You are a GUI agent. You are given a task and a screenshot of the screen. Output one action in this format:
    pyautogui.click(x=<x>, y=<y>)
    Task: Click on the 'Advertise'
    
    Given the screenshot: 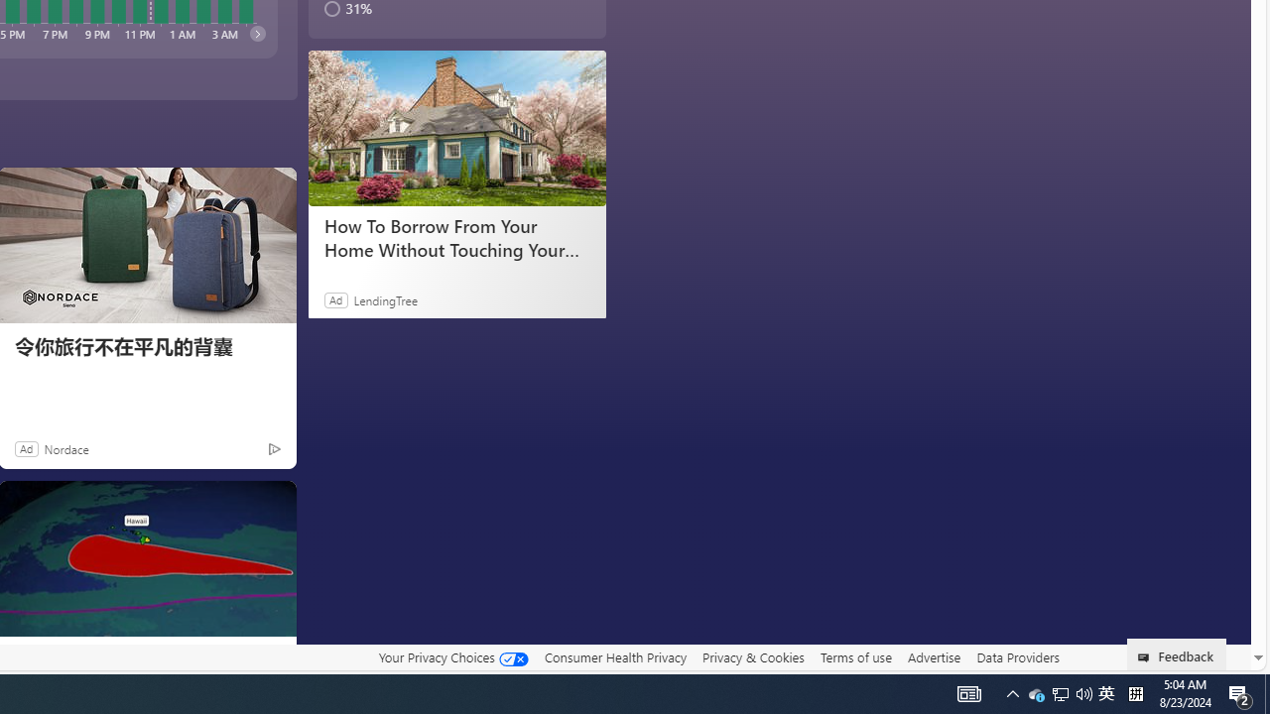 What is the action you would take?
    pyautogui.click(x=933, y=656)
    